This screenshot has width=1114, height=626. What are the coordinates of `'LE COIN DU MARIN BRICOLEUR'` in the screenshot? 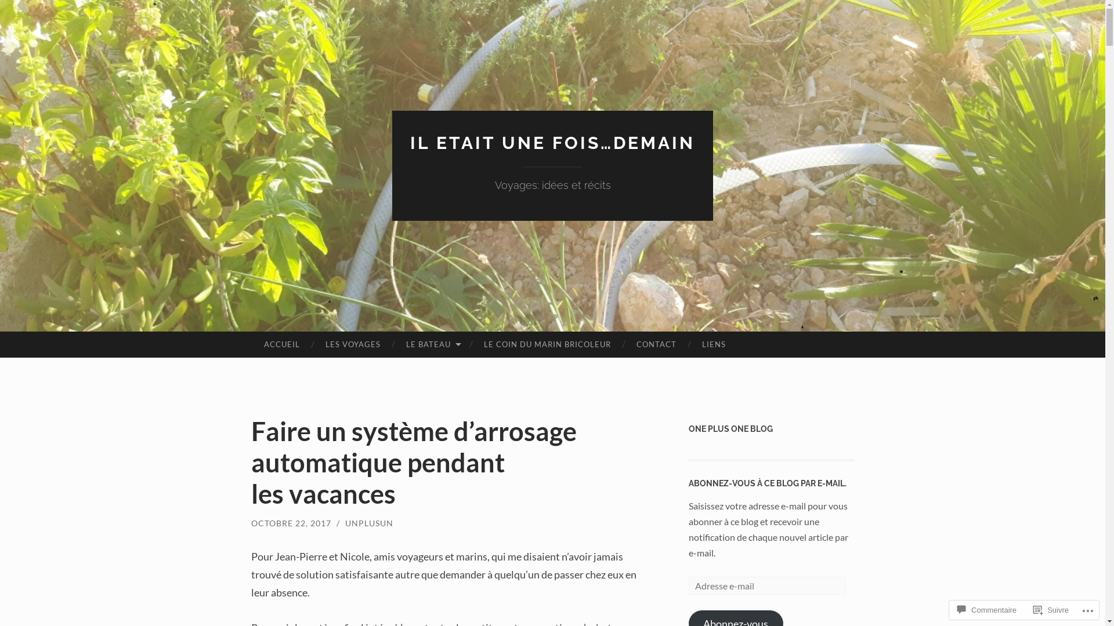 It's located at (547, 344).